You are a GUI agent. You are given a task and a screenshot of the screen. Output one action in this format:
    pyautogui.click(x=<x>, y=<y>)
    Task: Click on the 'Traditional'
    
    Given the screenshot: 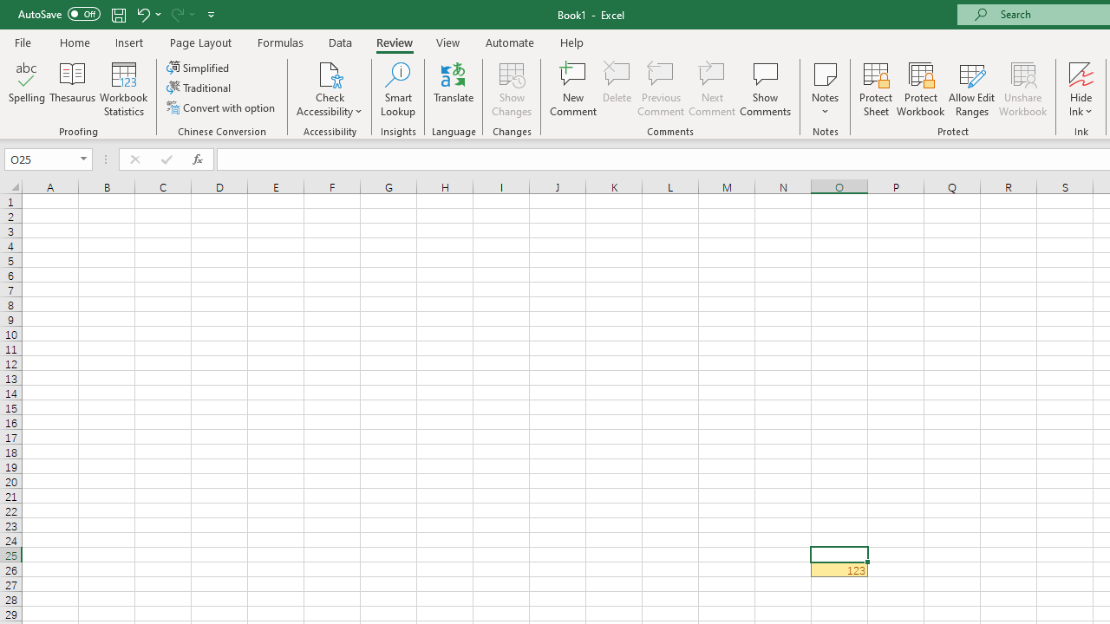 What is the action you would take?
    pyautogui.click(x=200, y=88)
    